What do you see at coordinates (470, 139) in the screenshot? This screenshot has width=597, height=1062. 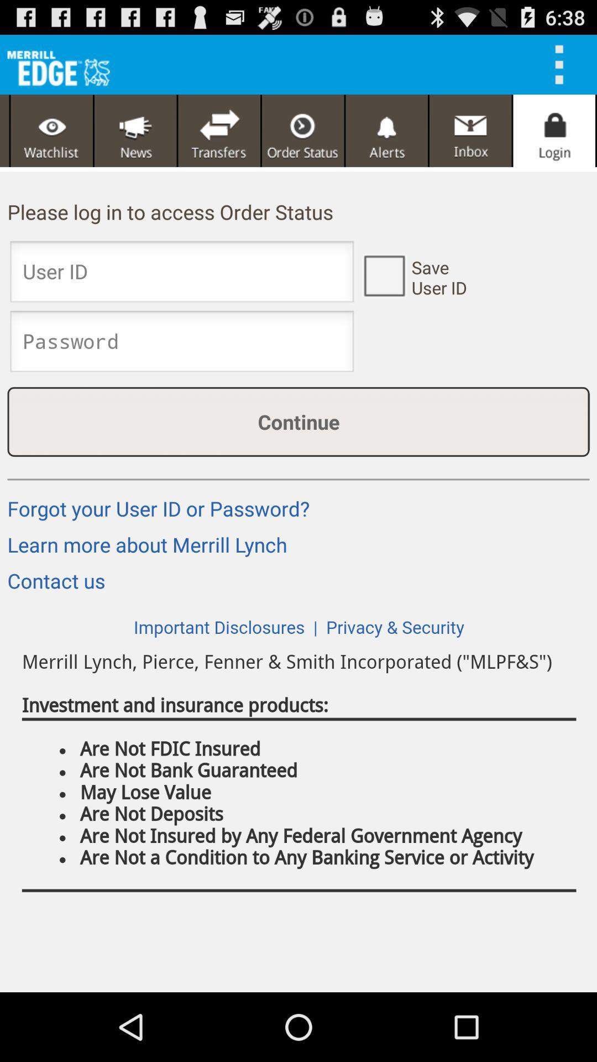 I see `the email icon` at bounding box center [470, 139].